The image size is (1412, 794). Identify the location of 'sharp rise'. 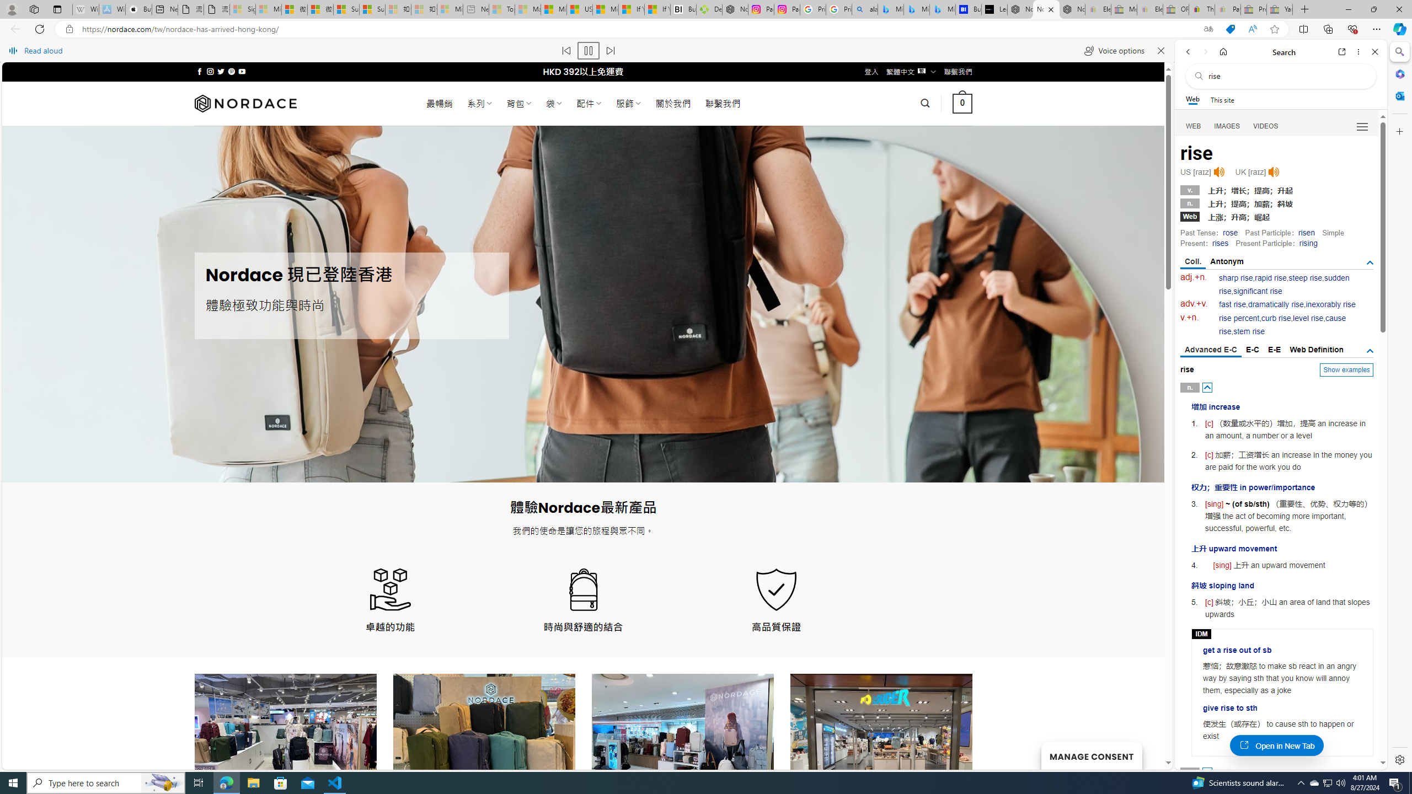
(1236, 277).